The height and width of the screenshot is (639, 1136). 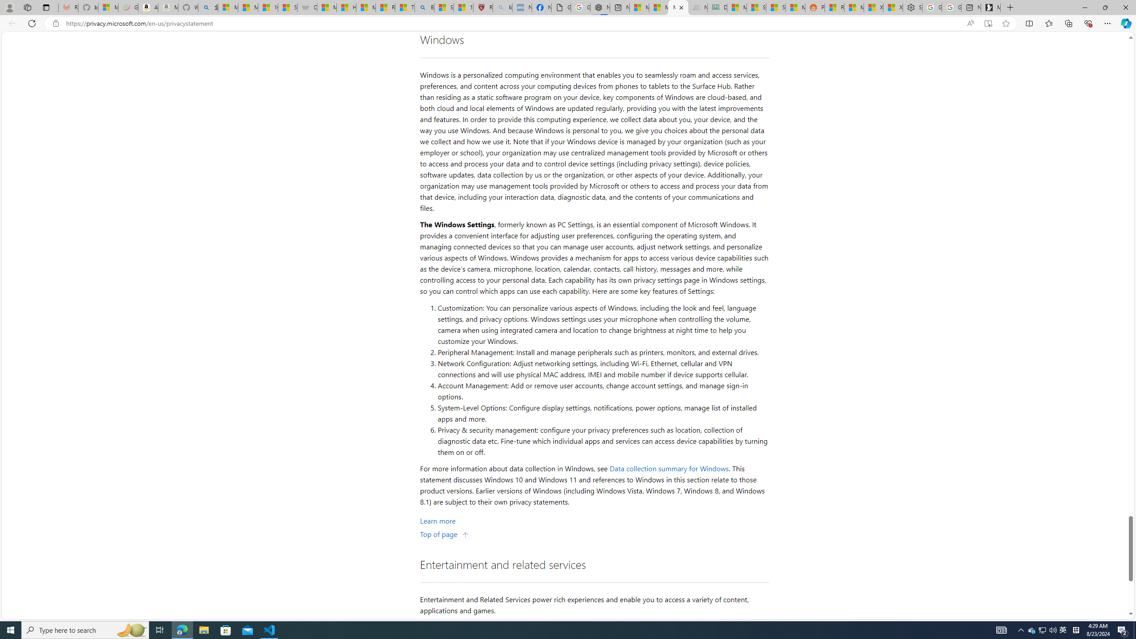 I want to click on 'Recipes - MSN', so click(x=385, y=7).